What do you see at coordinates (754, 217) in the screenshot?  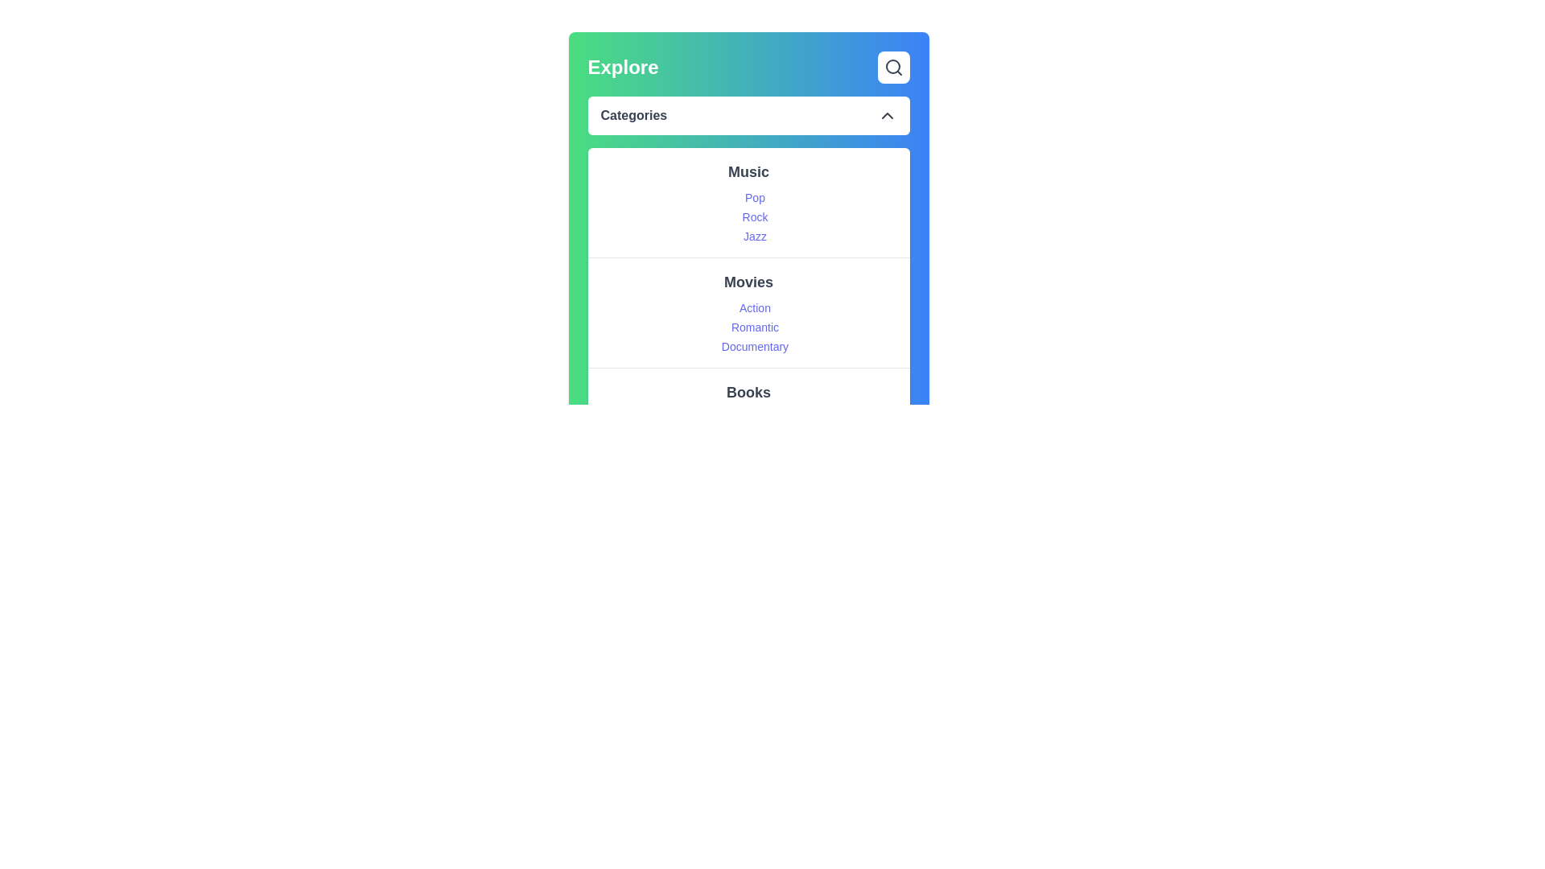 I see `the clickable text label for the 'Rock' category located in the 'Music' section` at bounding box center [754, 217].